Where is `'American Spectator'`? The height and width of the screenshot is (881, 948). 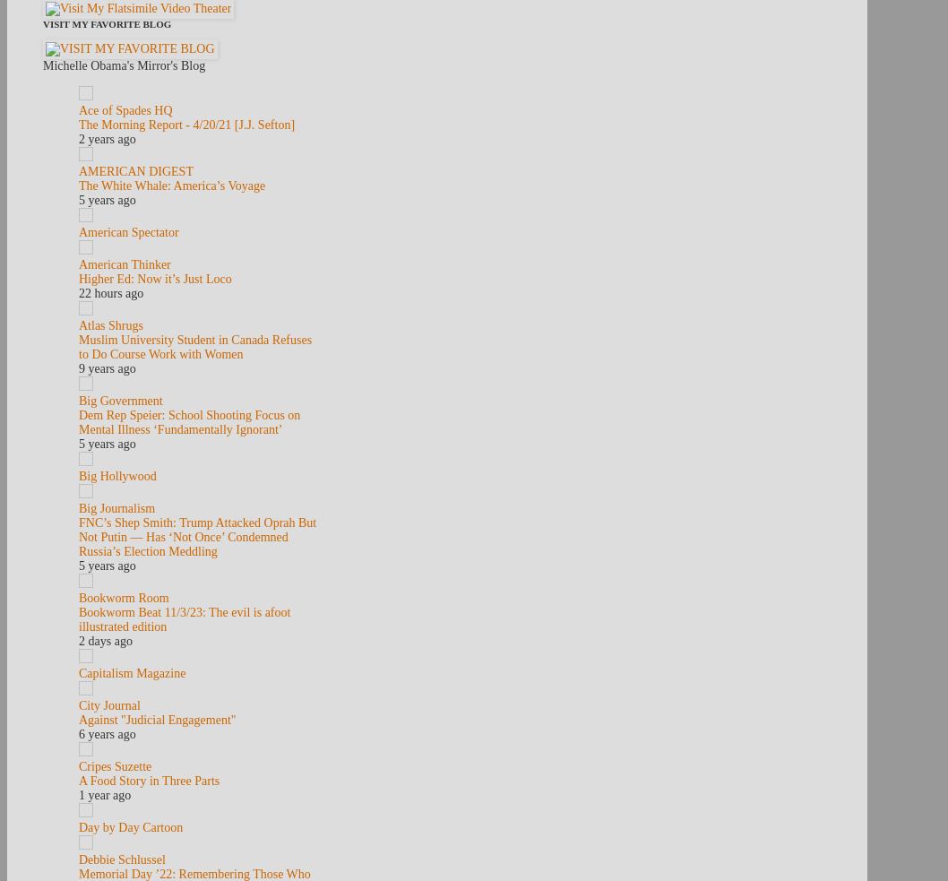
'American Spectator' is located at coordinates (79, 232).